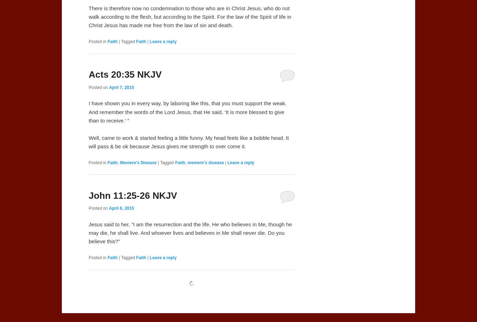 Image resolution: width=477 pixels, height=322 pixels. I want to click on 'I have shown you in every way, by laboring like this, that you must support the weak. And remember the words of the Lord Jesus, that He said, ‘It is more blessed to give than to receive.’ ”', so click(88, 112).